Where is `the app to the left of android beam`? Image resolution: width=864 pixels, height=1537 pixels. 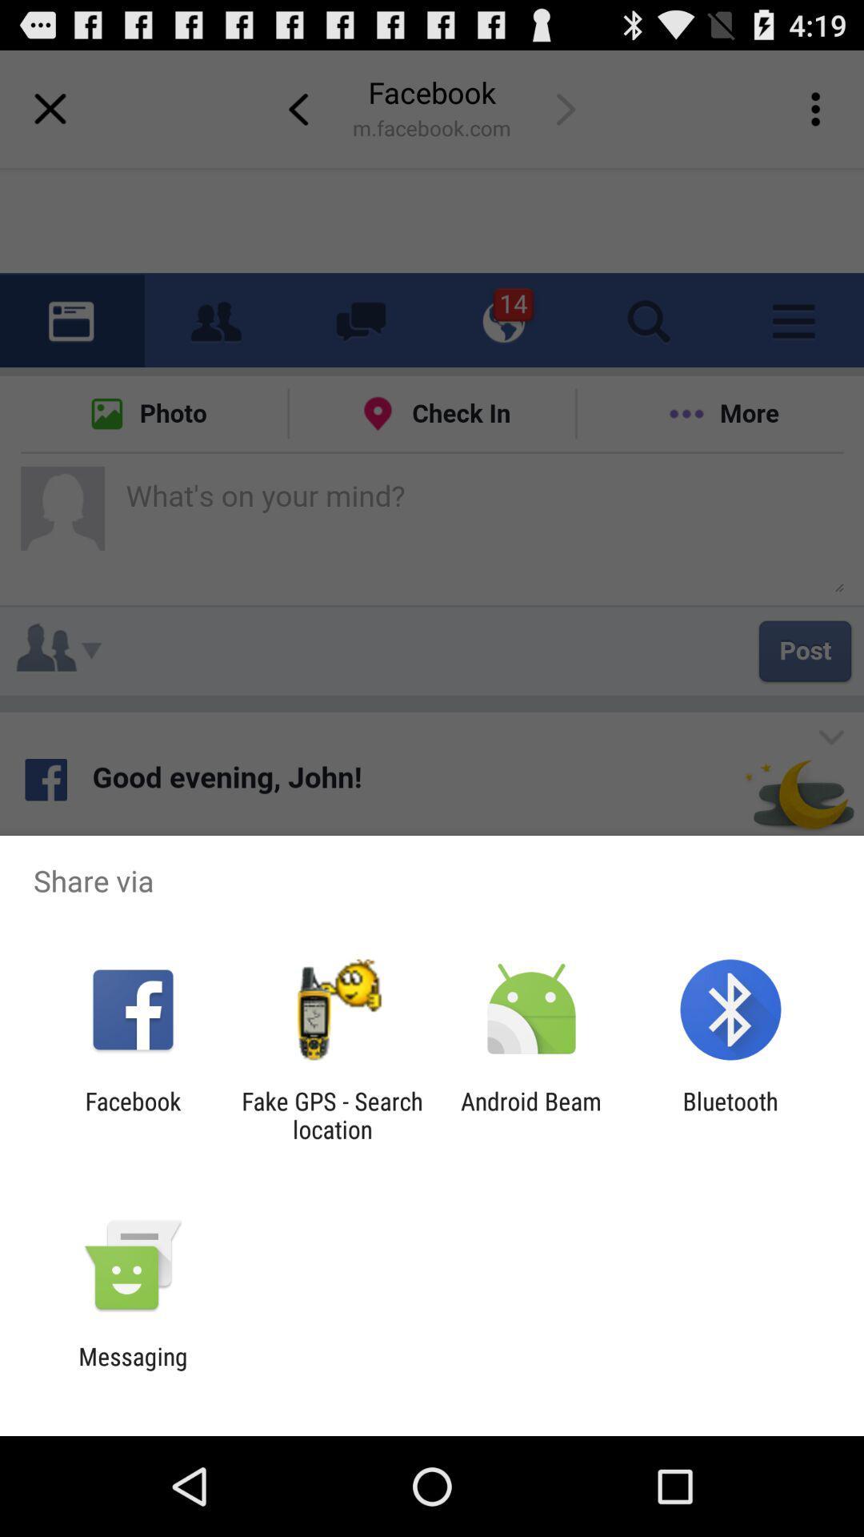
the app to the left of android beam is located at coordinates (331, 1114).